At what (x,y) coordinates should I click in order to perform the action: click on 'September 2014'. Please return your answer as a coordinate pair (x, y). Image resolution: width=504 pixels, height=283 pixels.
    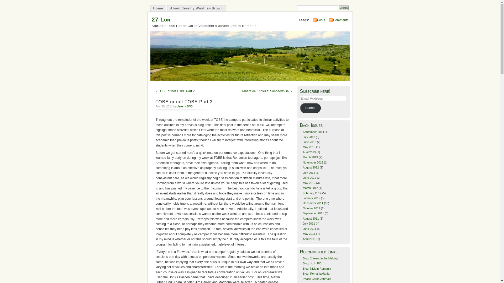
    Looking at the image, I should click on (313, 131).